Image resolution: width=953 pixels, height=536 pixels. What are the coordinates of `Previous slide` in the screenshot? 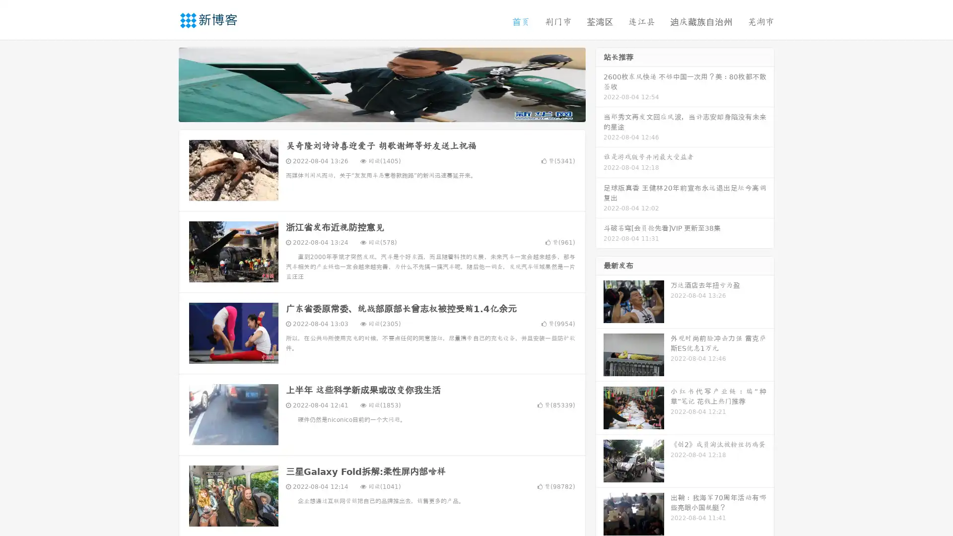 It's located at (164, 83).